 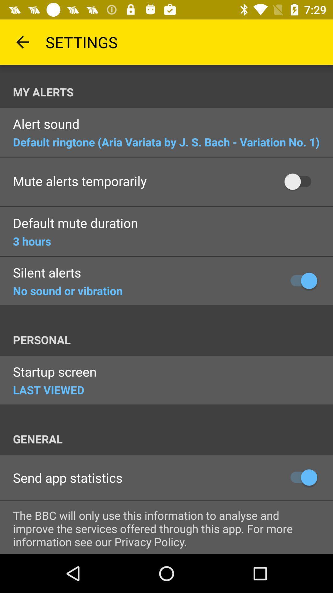 What do you see at coordinates (173, 339) in the screenshot?
I see `personal at the center` at bounding box center [173, 339].